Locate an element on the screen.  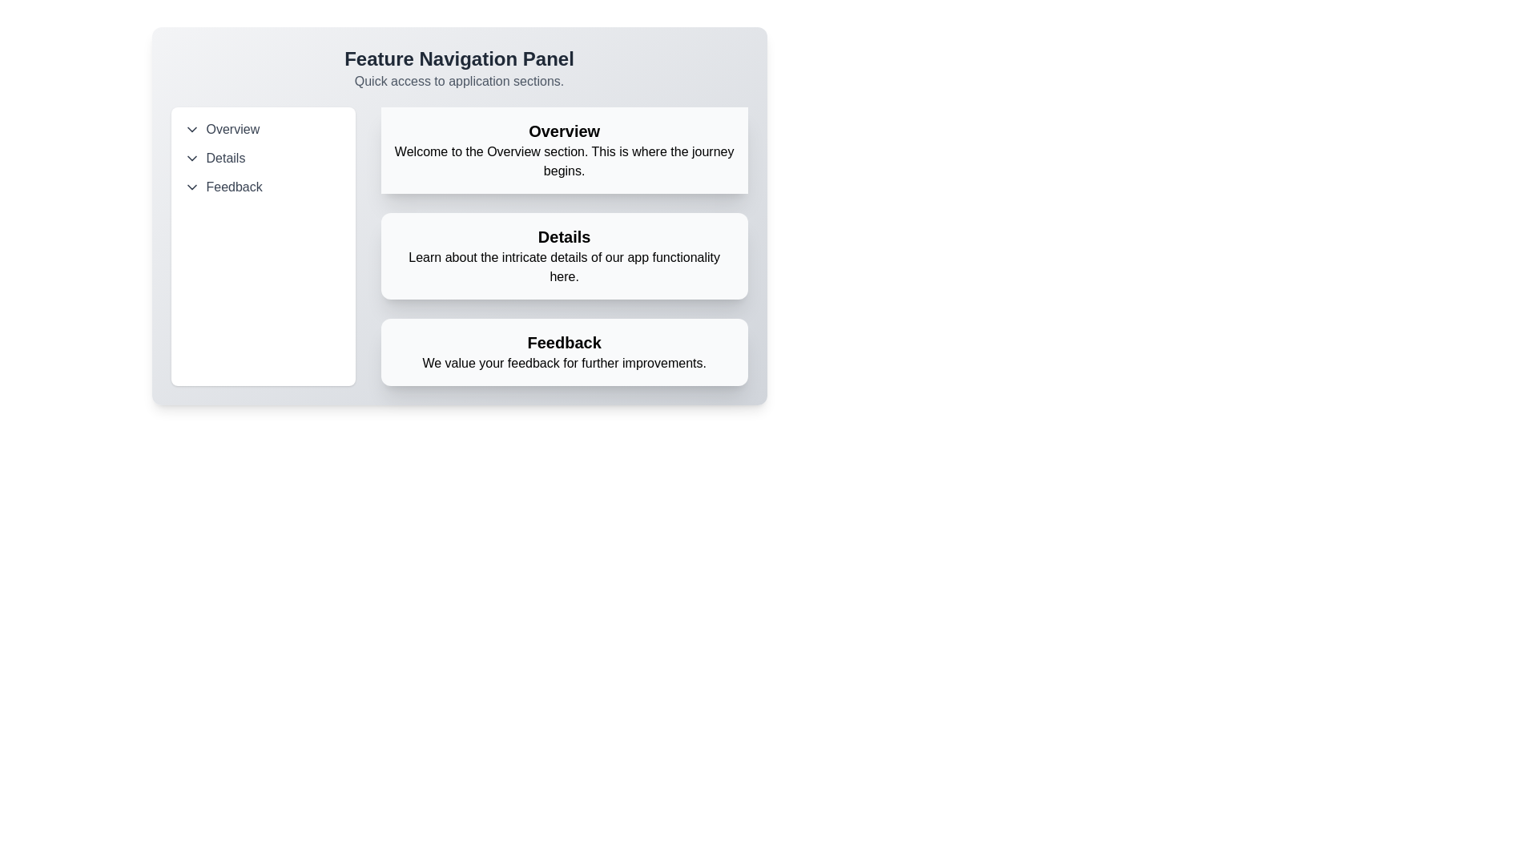
the second item labeled 'Details' in the Vertical Navigation Menu with Expandable Items is located at coordinates (263, 158).